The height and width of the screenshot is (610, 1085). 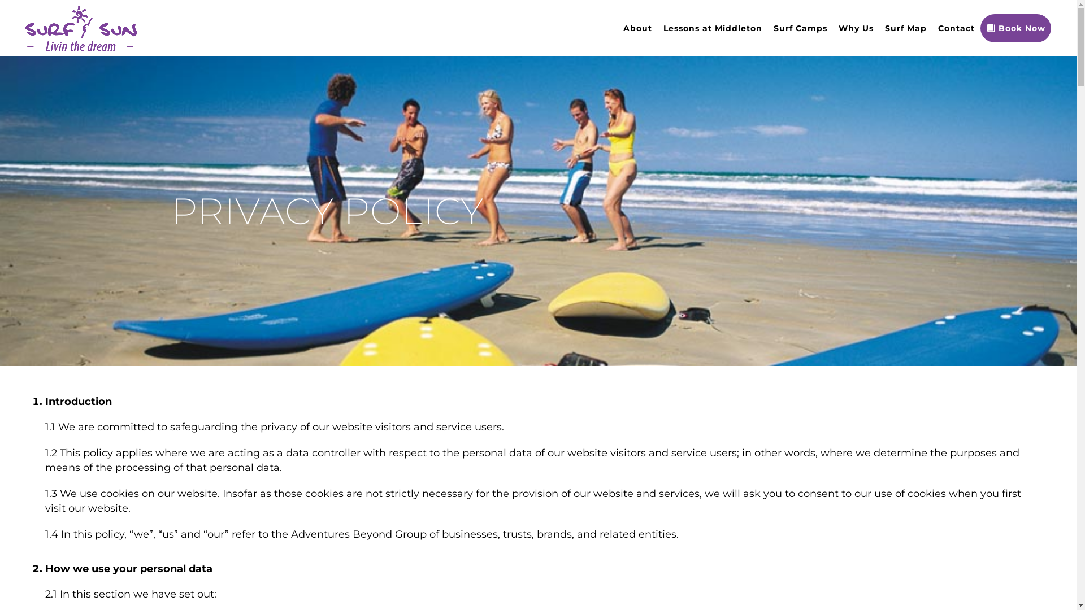 What do you see at coordinates (1015, 28) in the screenshot?
I see `'Book Now'` at bounding box center [1015, 28].